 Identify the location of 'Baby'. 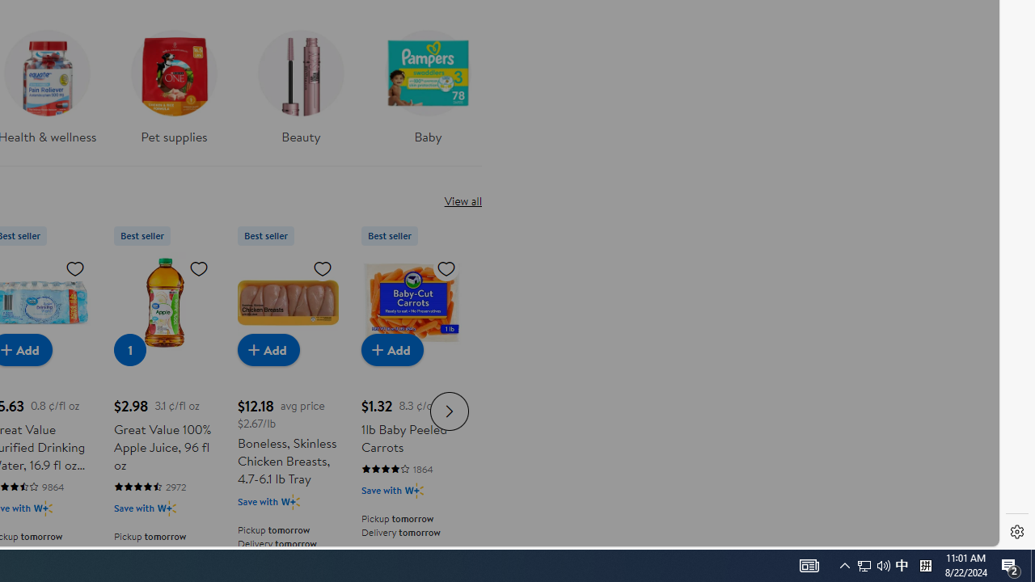
(428, 82).